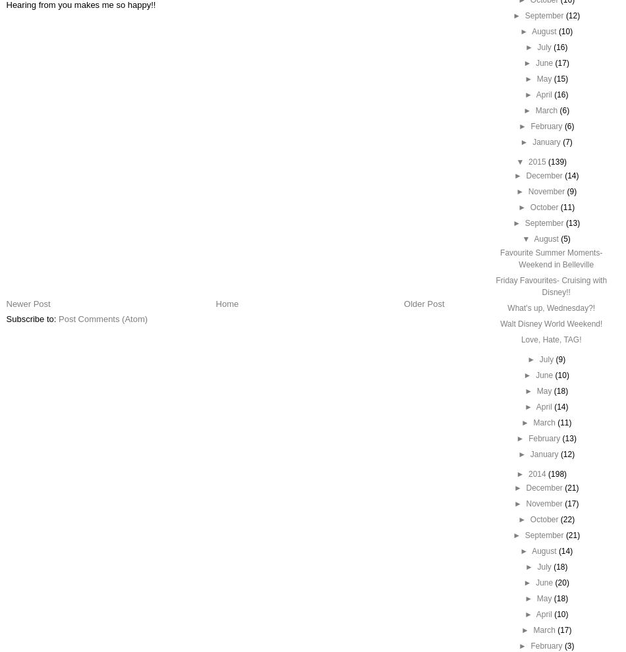 This screenshot has width=626, height=652. What do you see at coordinates (550, 286) in the screenshot?
I see `'Friday Favourites- Cruising with Disney!!'` at bounding box center [550, 286].